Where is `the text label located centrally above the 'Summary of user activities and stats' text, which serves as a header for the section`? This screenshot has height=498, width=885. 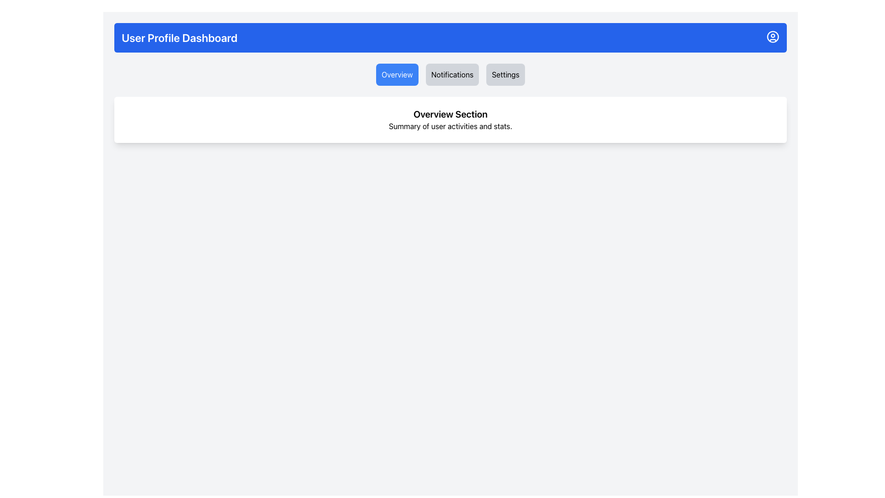
the text label located centrally above the 'Summary of user activities and stats' text, which serves as a header for the section is located at coordinates (450, 113).